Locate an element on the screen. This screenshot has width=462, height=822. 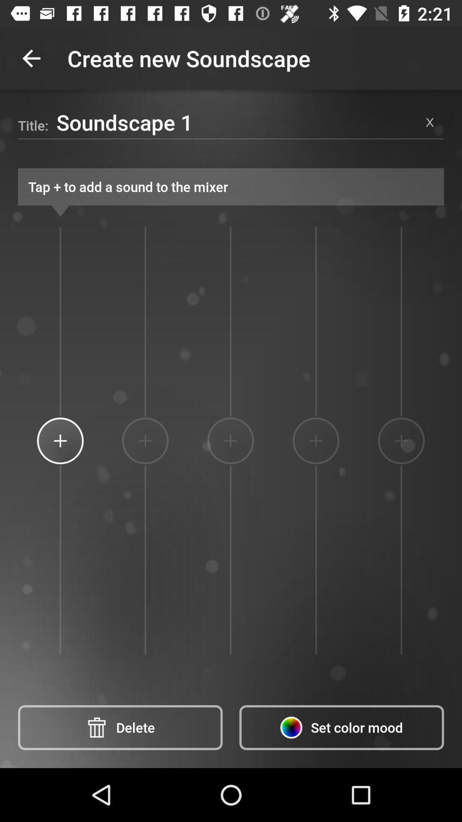
item above soundscape 1 icon is located at coordinates (31, 58).